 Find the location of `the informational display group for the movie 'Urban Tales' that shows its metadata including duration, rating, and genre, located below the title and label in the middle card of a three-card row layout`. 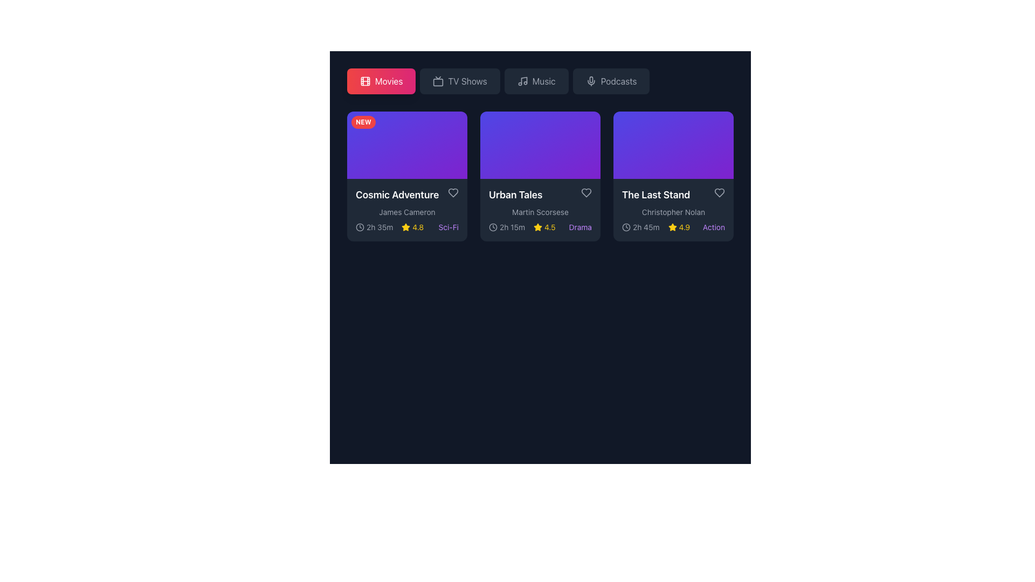

the informational display group for the movie 'Urban Tales' that shows its metadata including duration, rating, and genre, located below the title and label in the middle card of a three-card row layout is located at coordinates (540, 227).